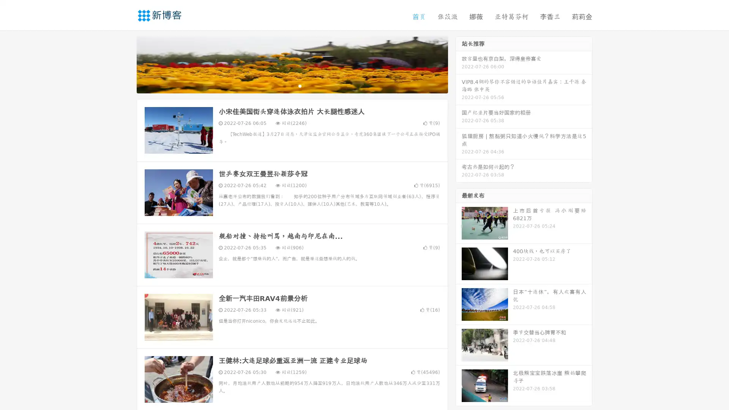 The image size is (729, 410). I want to click on Go to slide 3, so click(300, 85).